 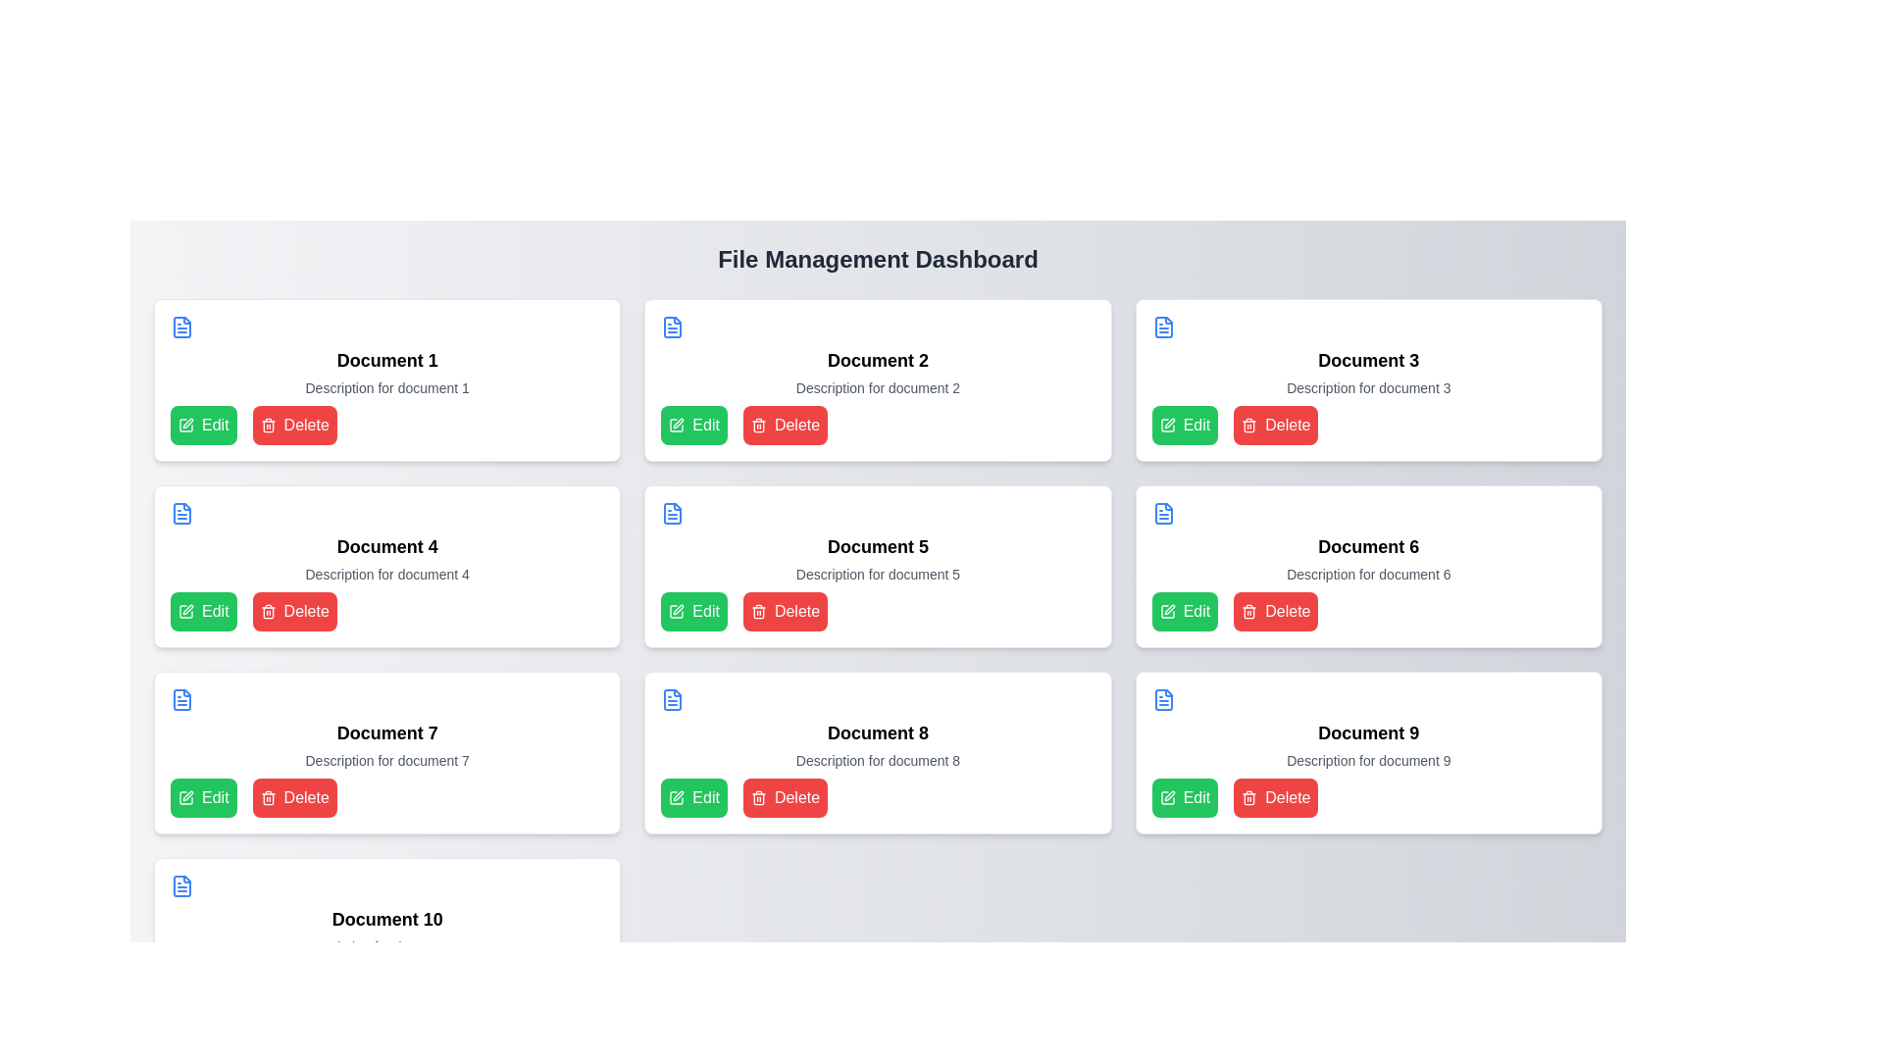 What do you see at coordinates (188, 983) in the screenshot?
I see `the visual style of the pen icon located in the bottom left corner of the control panel associated with 'Document 10'` at bounding box center [188, 983].